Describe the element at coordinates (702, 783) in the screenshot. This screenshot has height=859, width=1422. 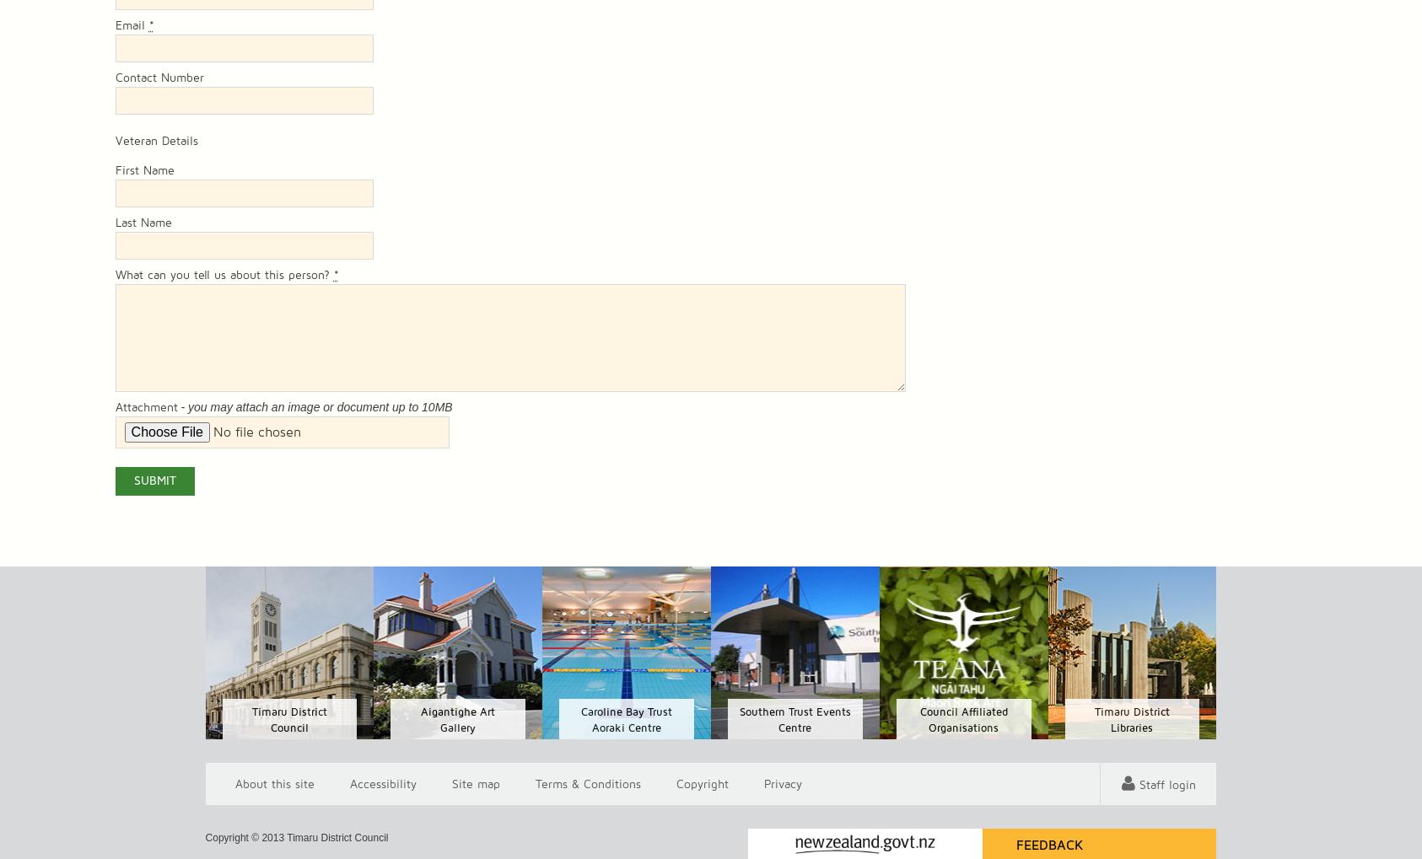
I see `'Copyright'` at that location.